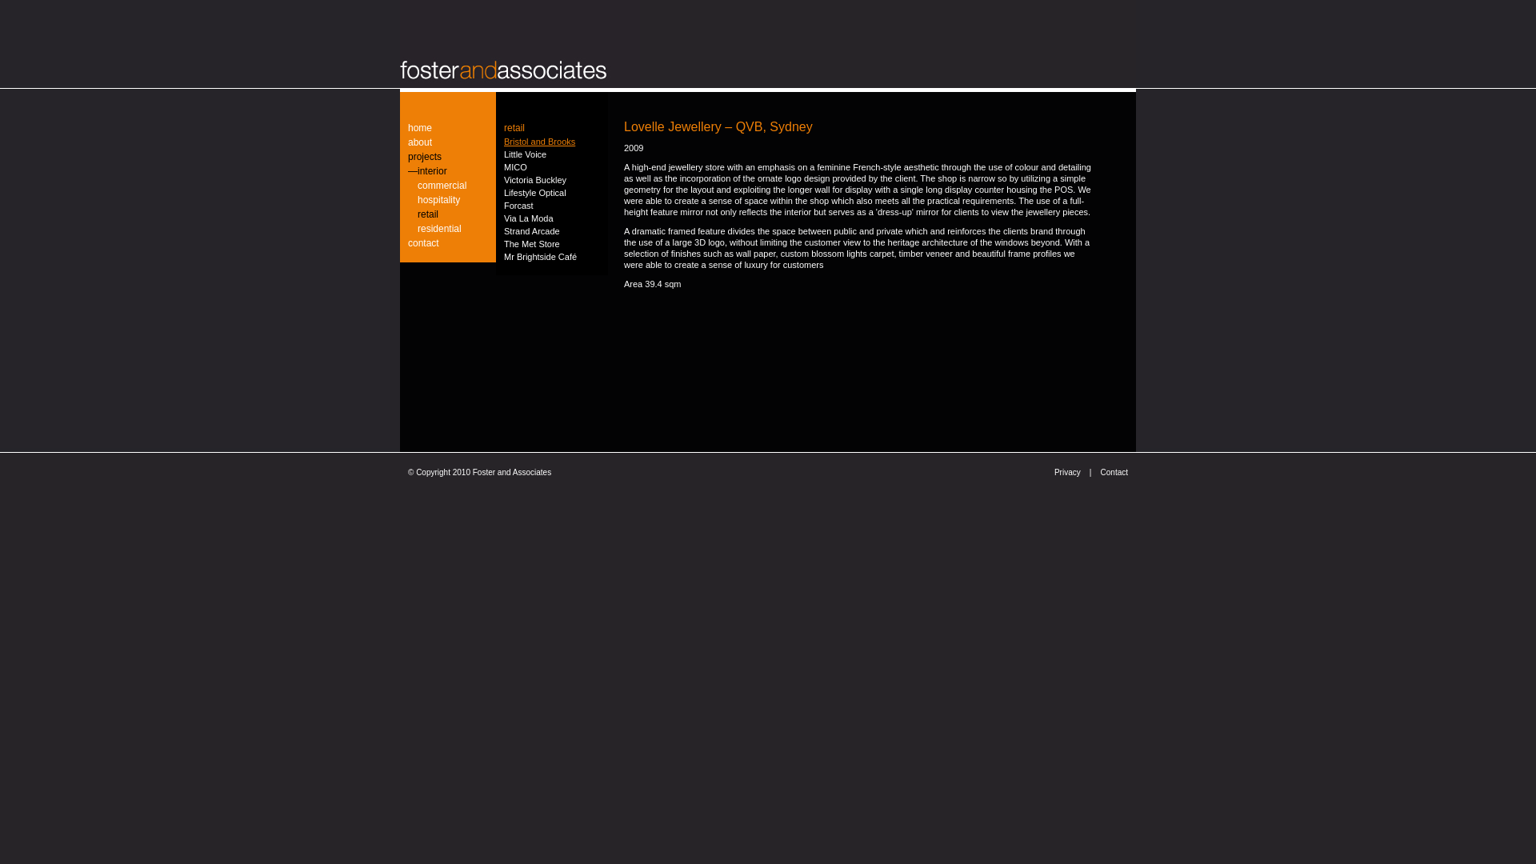 This screenshot has height=864, width=1536. I want to click on 'Via La Moda', so click(552, 218).